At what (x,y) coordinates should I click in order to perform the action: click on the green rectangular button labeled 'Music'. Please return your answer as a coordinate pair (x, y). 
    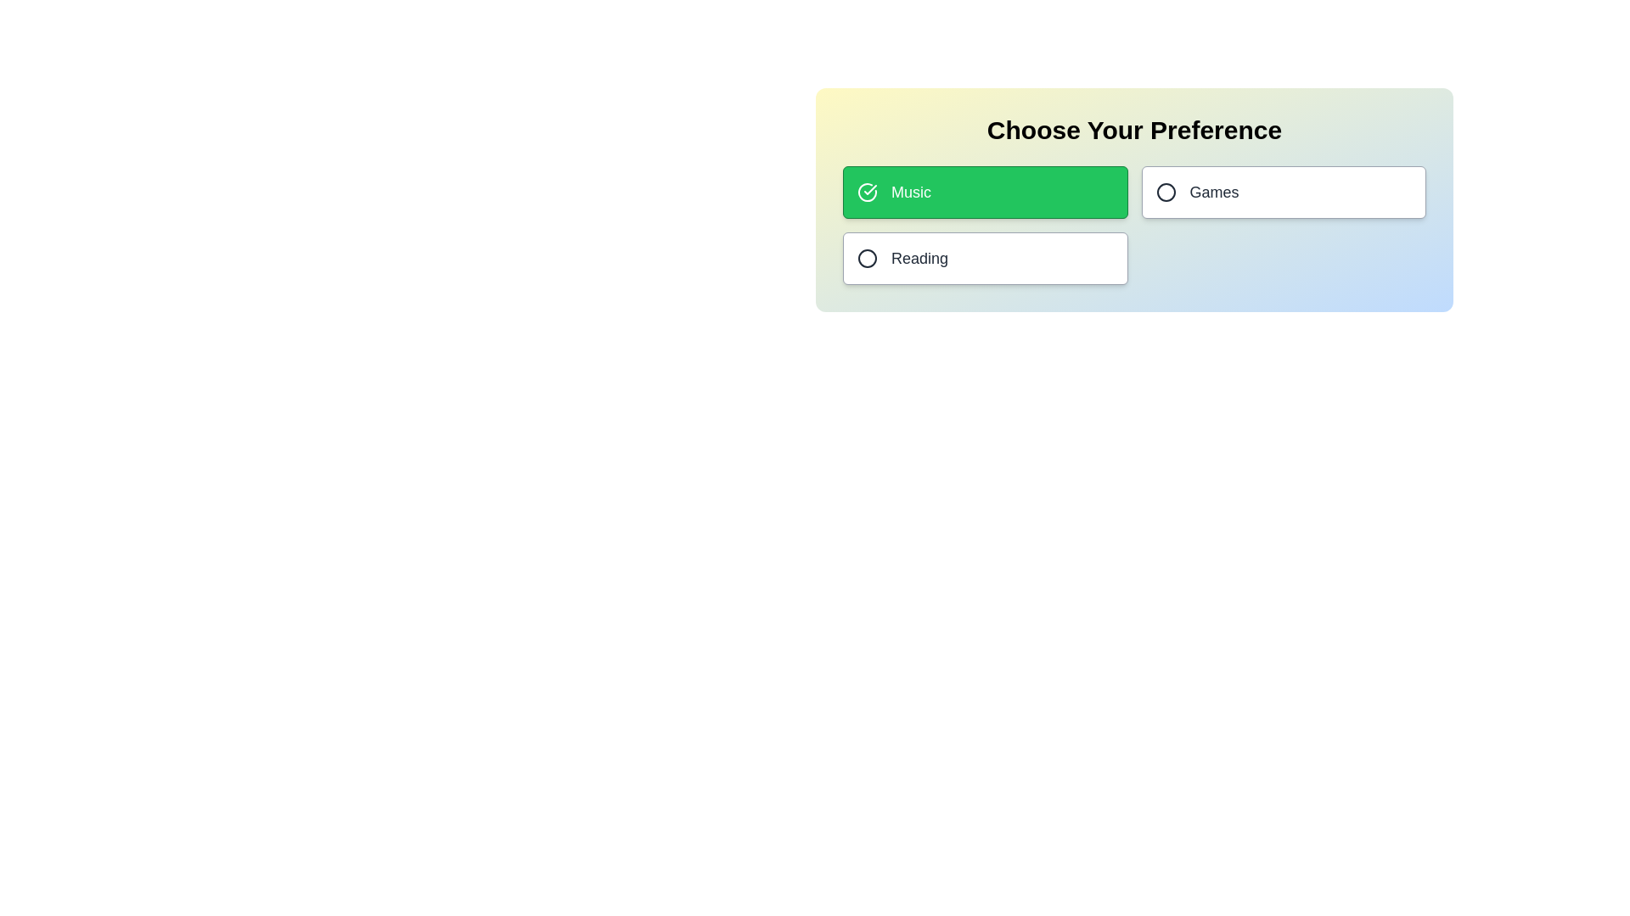
    Looking at the image, I should click on (985, 192).